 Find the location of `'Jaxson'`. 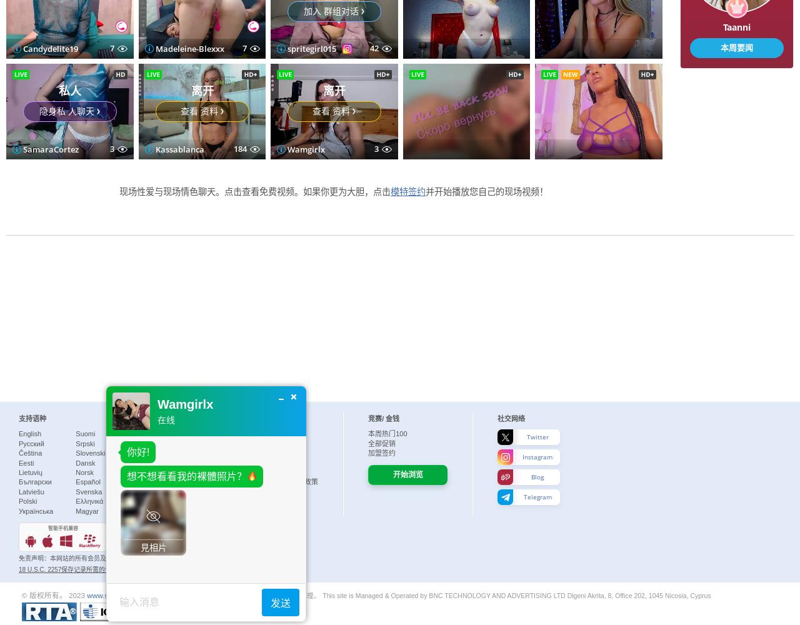

'Jaxson' is located at coordinates (154, 48).